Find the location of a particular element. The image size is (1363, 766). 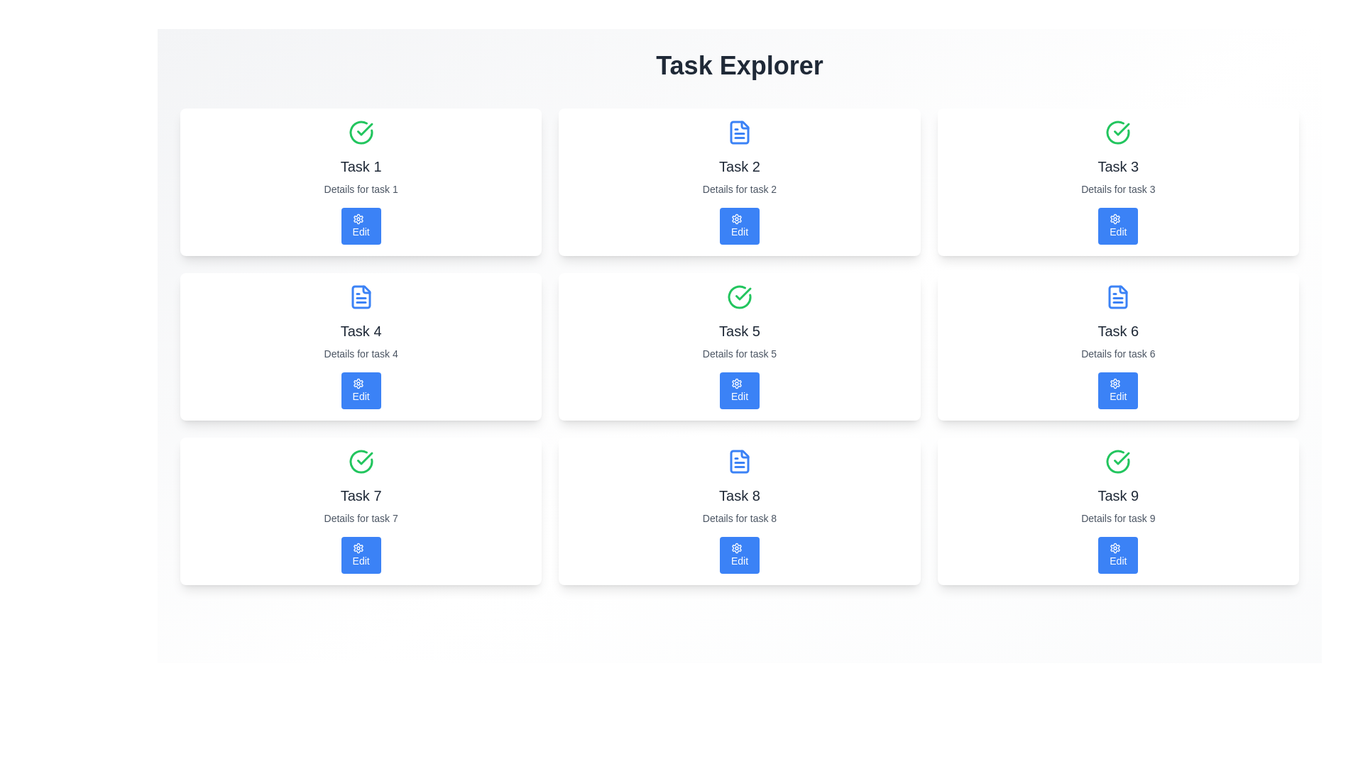

the settings icon located in the card displaying 'Task 2' in the second column of the first row of the task grid is located at coordinates (736, 218).